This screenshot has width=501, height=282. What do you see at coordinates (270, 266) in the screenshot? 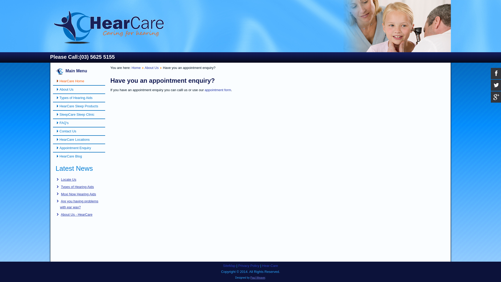
I see `'Hear-Care'` at bounding box center [270, 266].